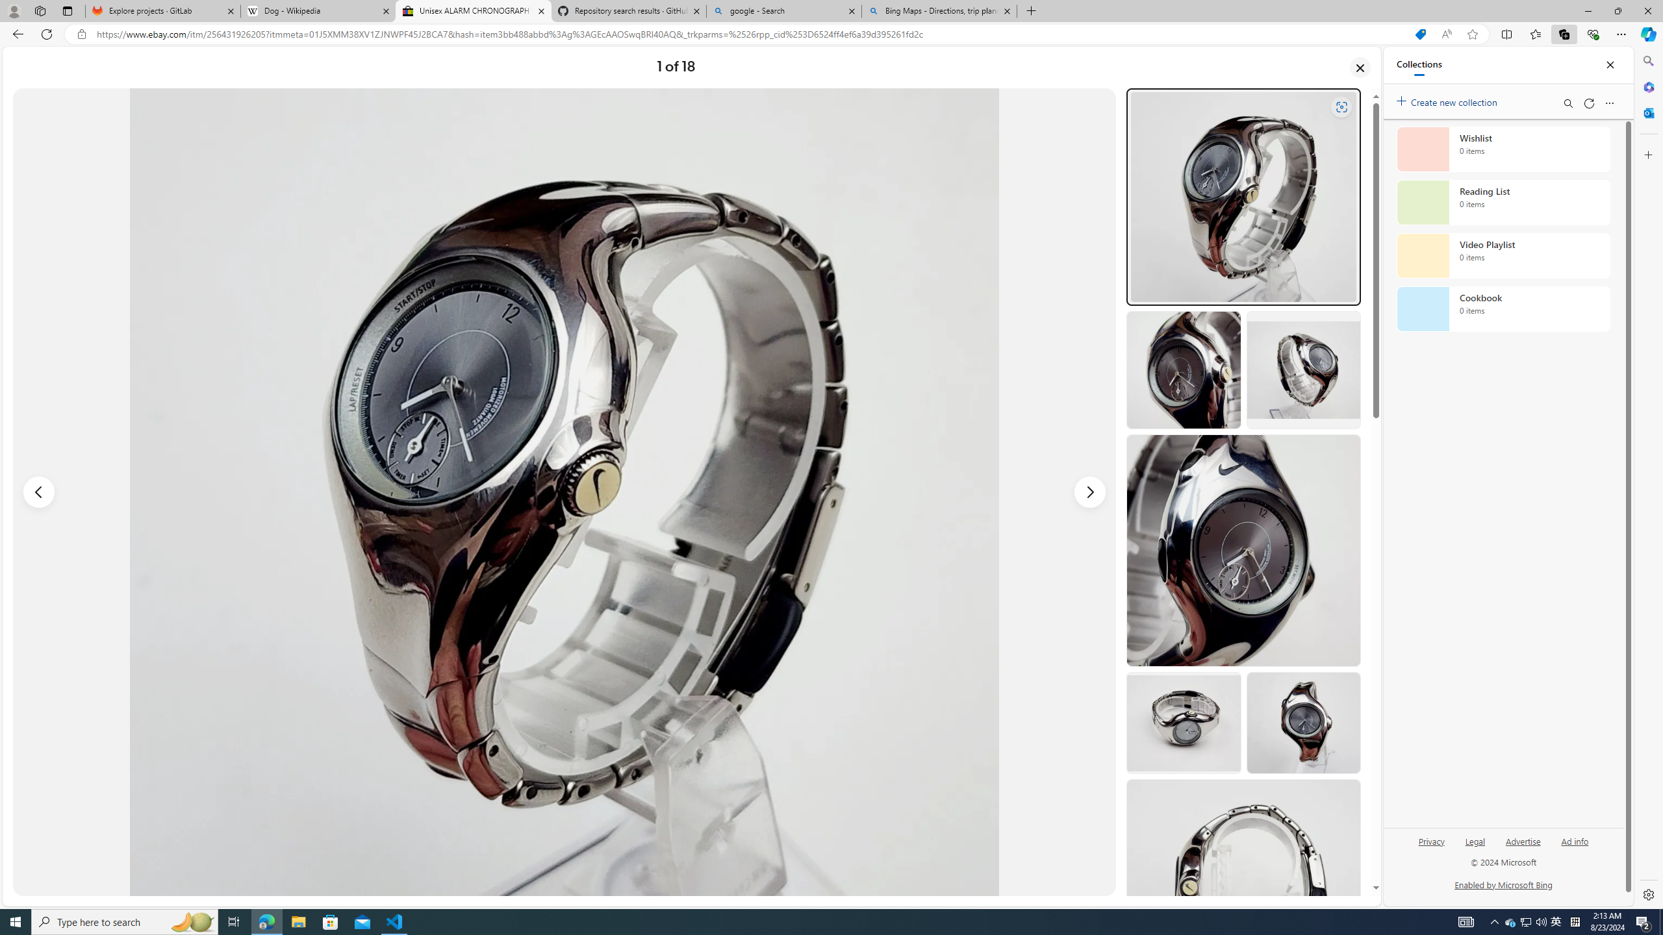 The height and width of the screenshot is (935, 1663). What do you see at coordinates (1090, 492) in the screenshot?
I see `'Next image - Item images thumbnails'` at bounding box center [1090, 492].